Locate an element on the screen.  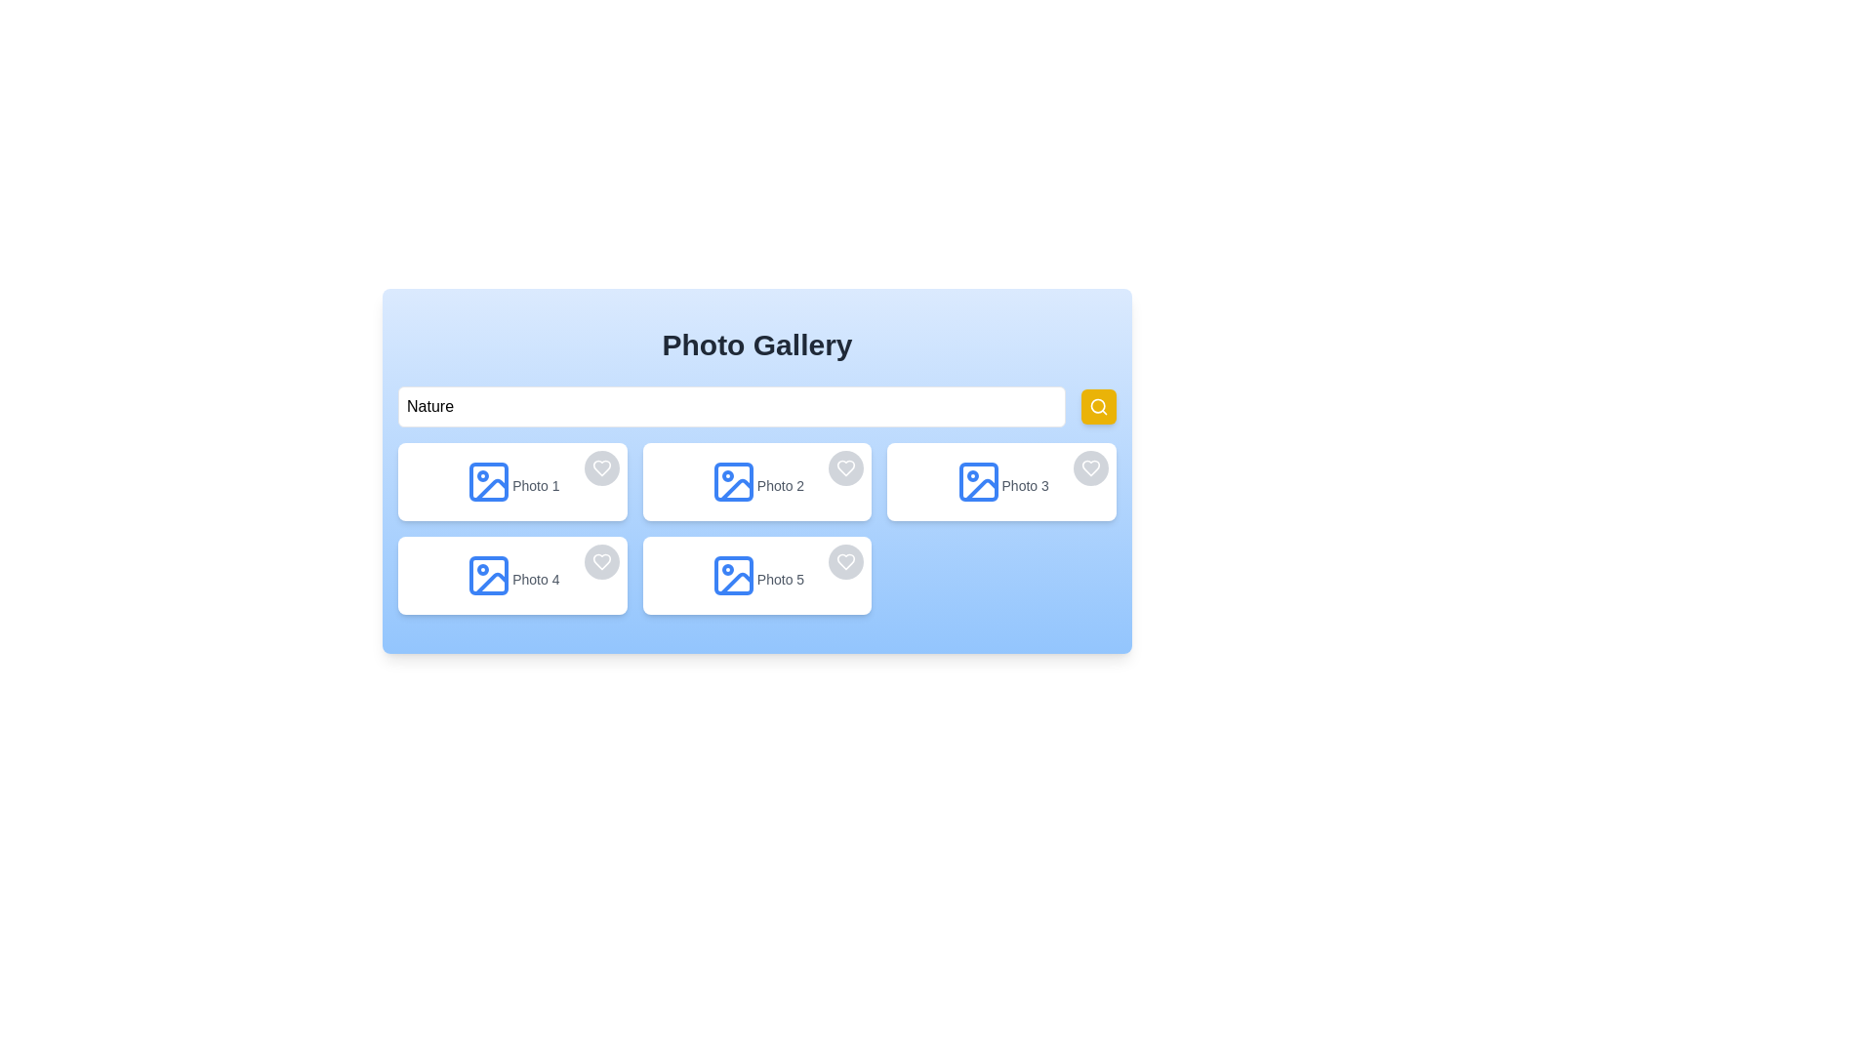
the decorative SVG rounded rectangle subcomponent of the image placeholder for 'Photo 2' located at the top-left corner of the icon is located at coordinates (732, 481).